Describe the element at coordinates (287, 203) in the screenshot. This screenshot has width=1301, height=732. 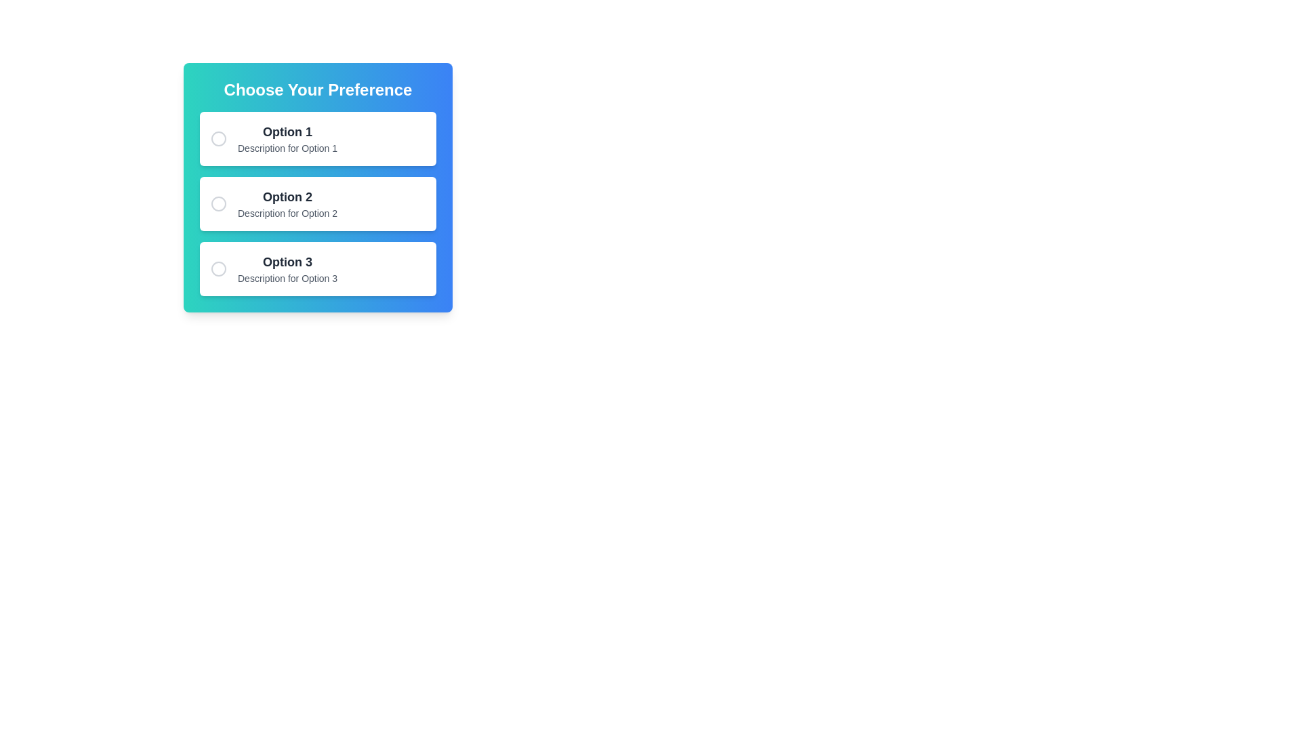
I see `the label and description for the second selection option in the preference selection interface to trigger hover effects` at that location.